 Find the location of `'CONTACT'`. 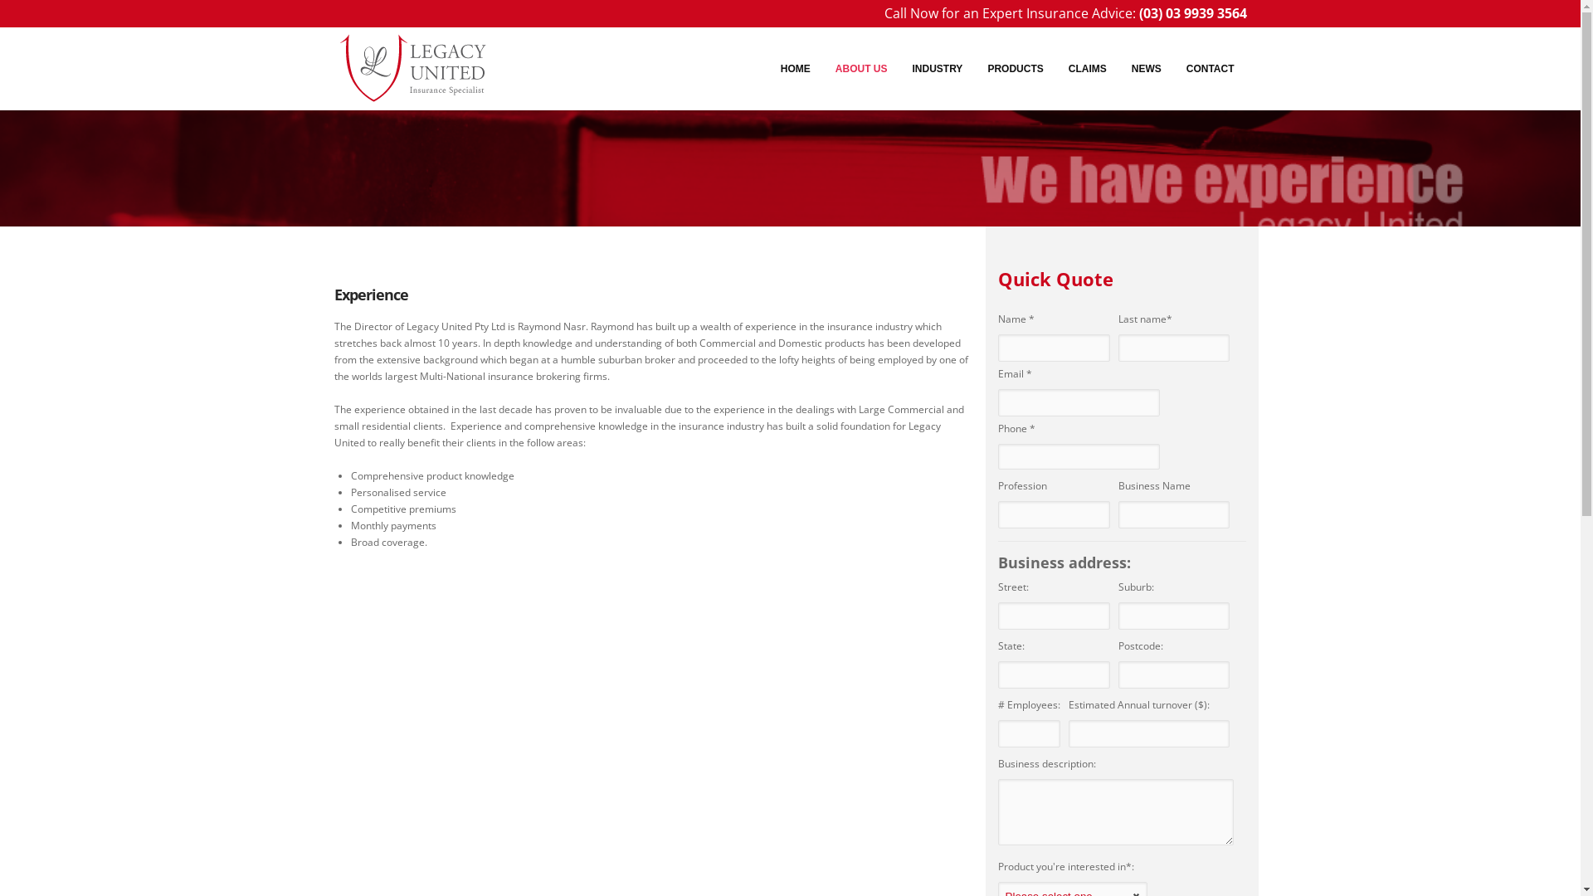

'CONTACT' is located at coordinates (1211, 68).